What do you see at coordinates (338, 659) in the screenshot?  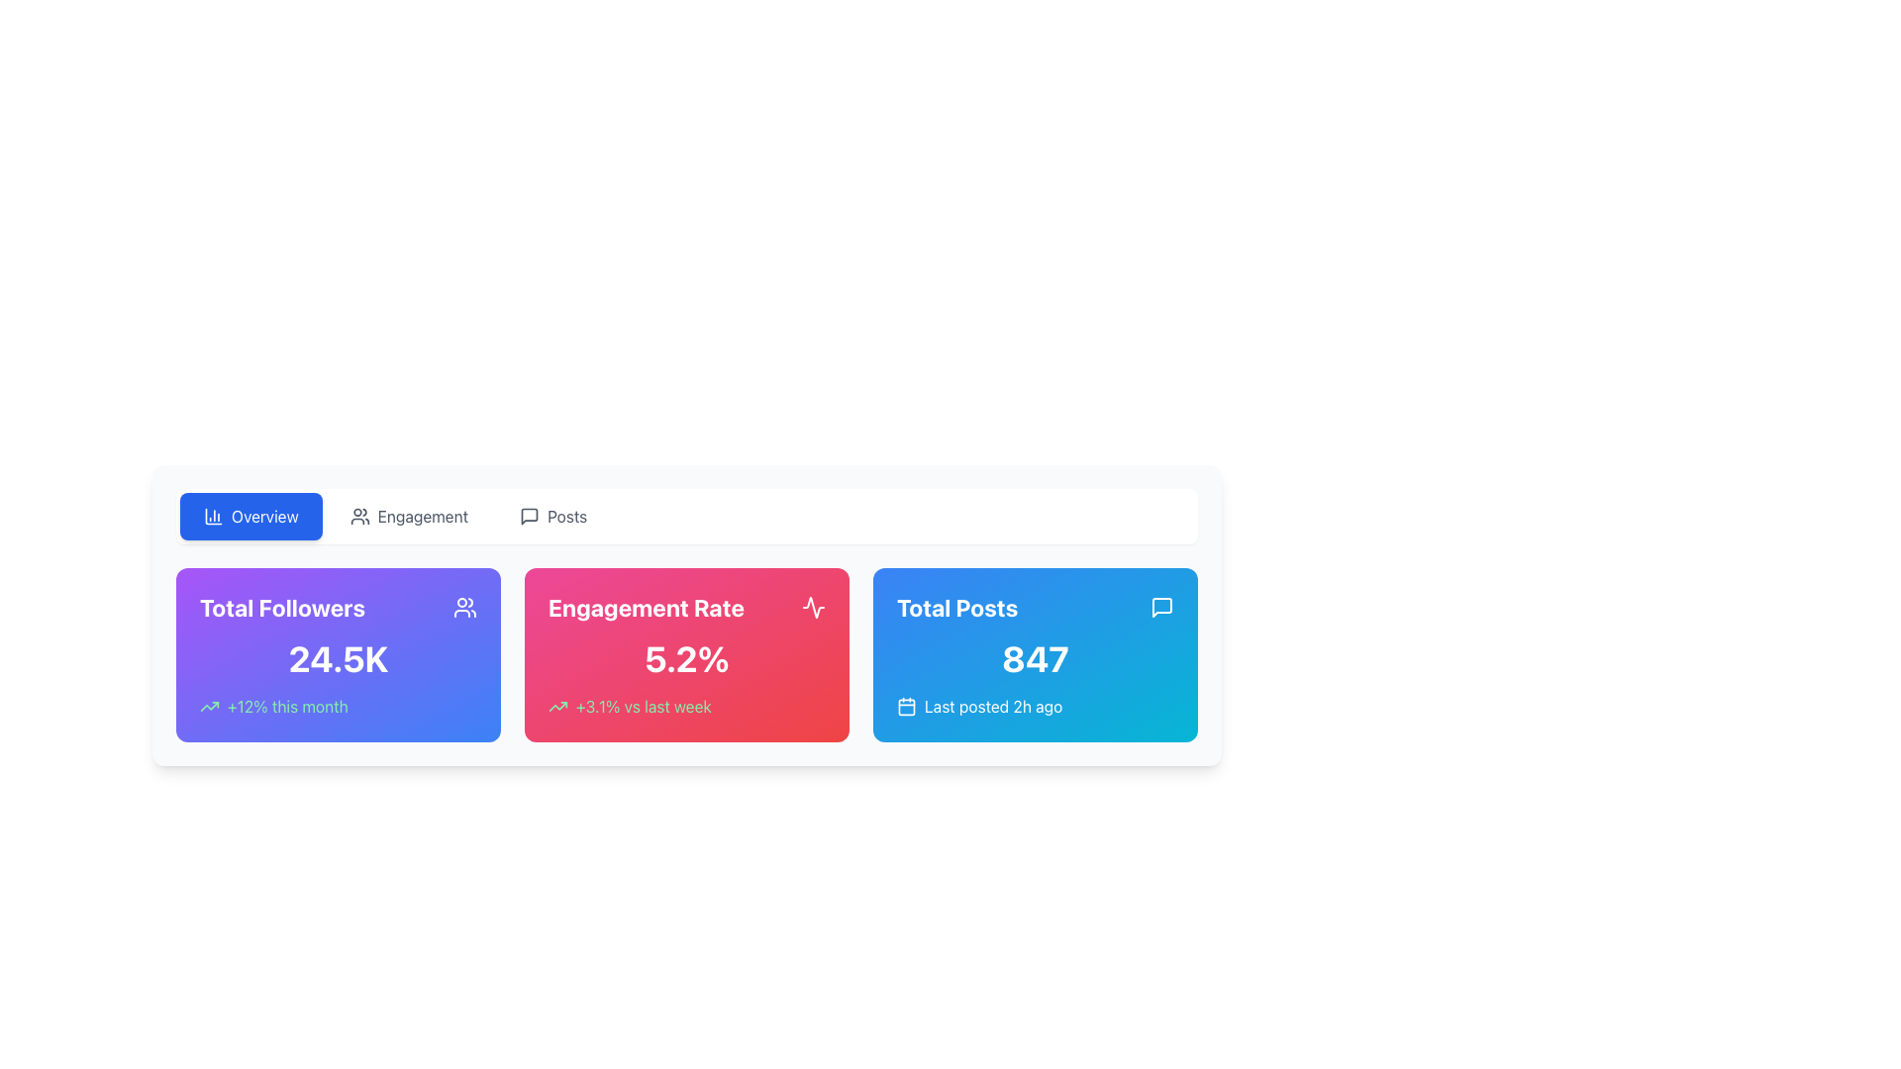 I see `the static text label displaying '24.5K' in bold white color, which is centrally positioned within a gradient background in the card labeled 'Total Followers'` at bounding box center [338, 659].